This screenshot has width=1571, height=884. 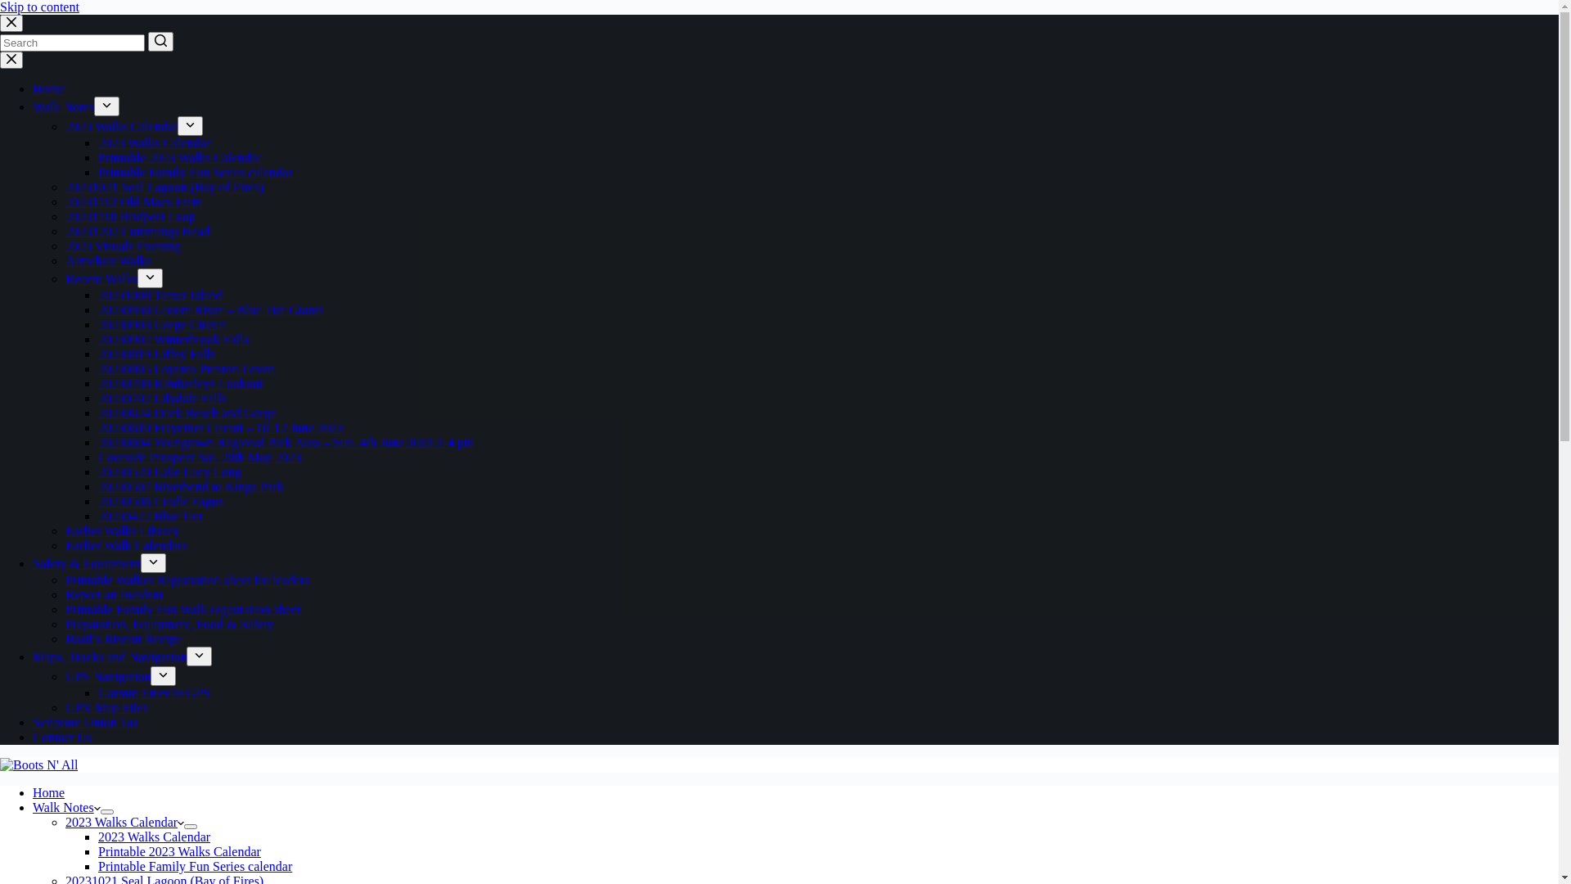 What do you see at coordinates (121, 530) in the screenshot?
I see `'Earlier Walks Library'` at bounding box center [121, 530].